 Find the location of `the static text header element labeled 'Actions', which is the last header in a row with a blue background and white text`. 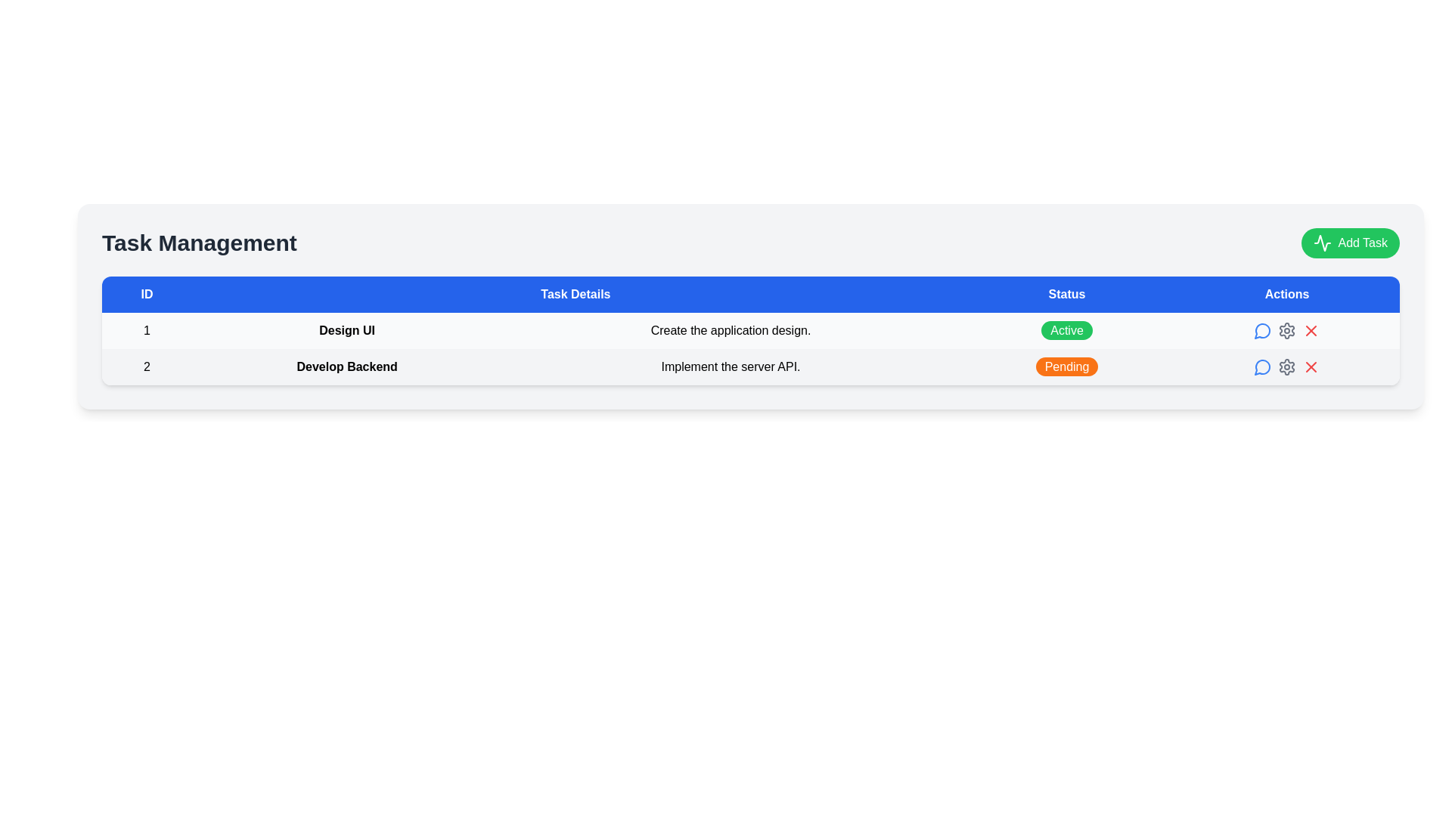

the static text header element labeled 'Actions', which is the last header in a row with a blue background and white text is located at coordinates (1286, 294).